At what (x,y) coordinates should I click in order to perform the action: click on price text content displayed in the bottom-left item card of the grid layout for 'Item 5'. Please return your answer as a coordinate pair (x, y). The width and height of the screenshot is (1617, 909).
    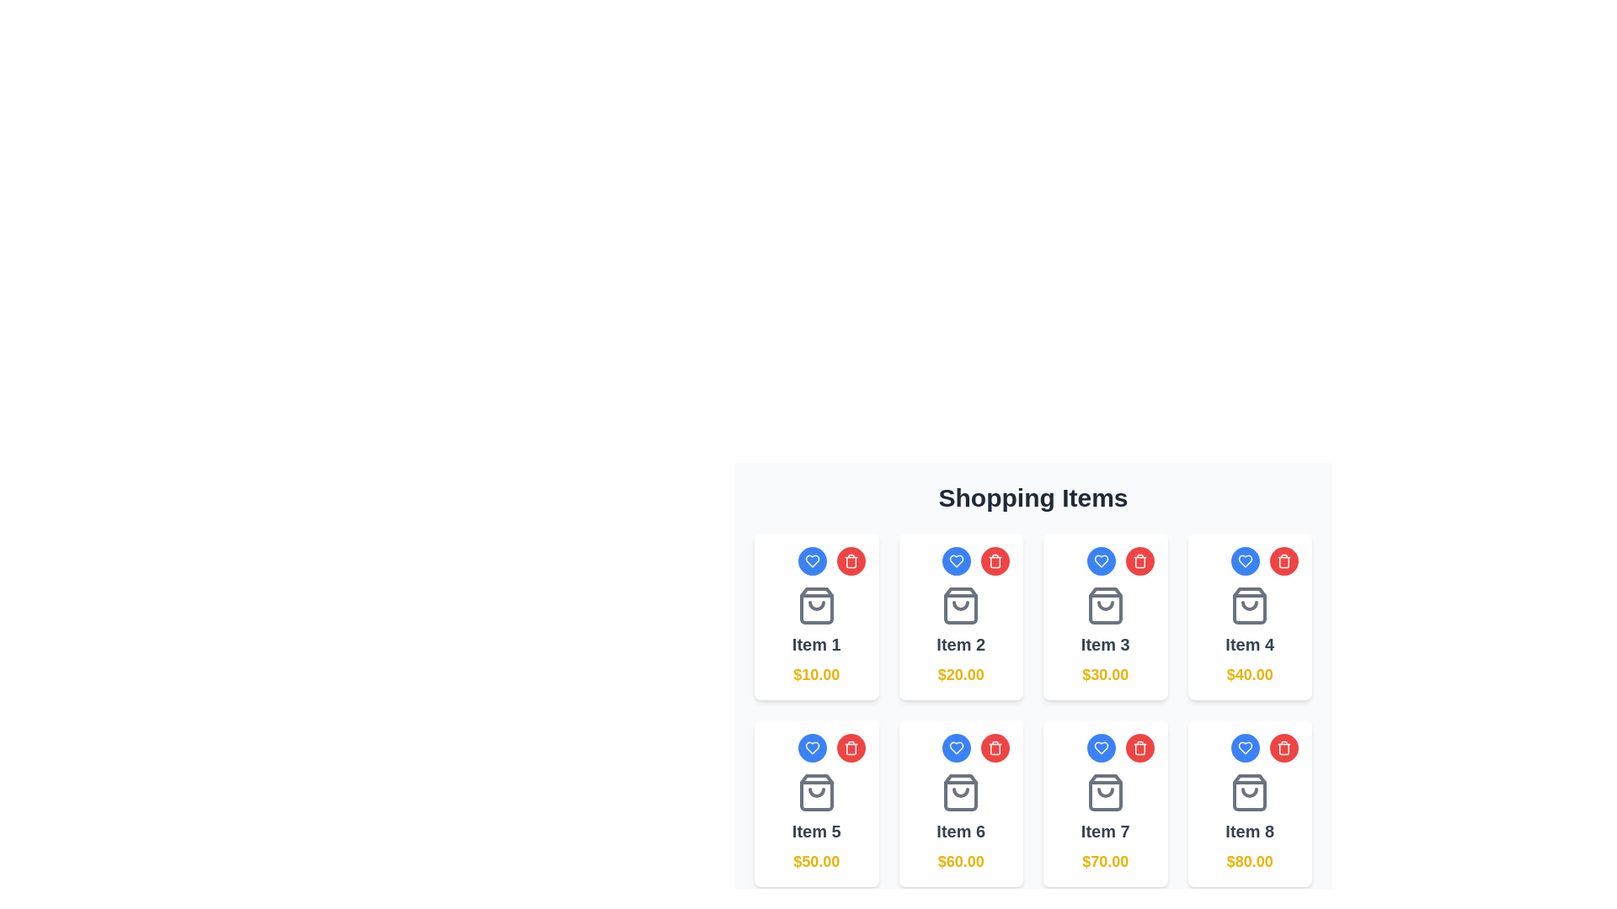
    Looking at the image, I should click on (816, 861).